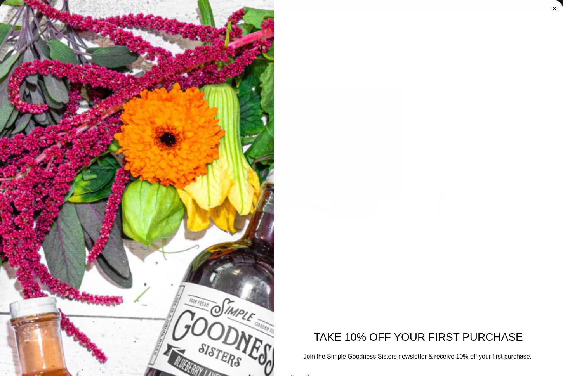  Describe the element at coordinates (373, 130) in the screenshot. I see `'Press'` at that location.